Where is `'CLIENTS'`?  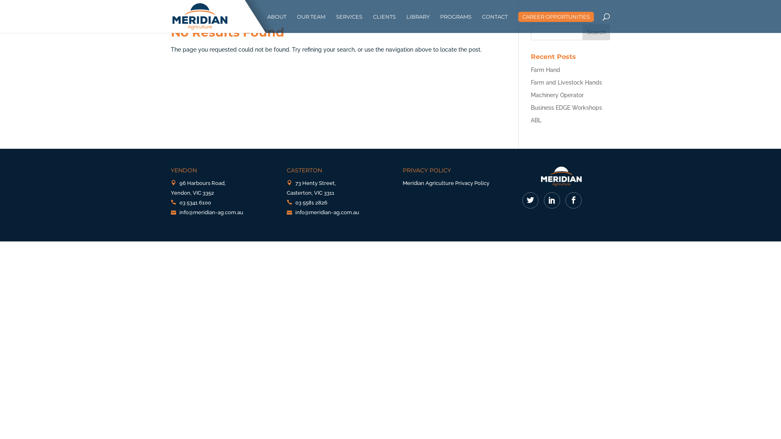 'CLIENTS' is located at coordinates (384, 23).